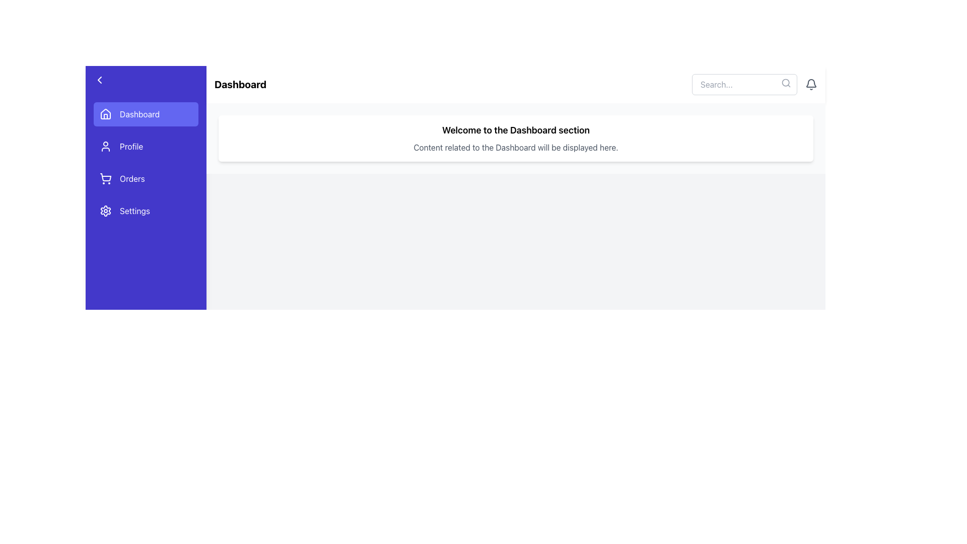 The height and width of the screenshot is (544, 967). I want to click on the shopping cart icon located within the 'Orders' button on the vertical navigation bar for visual guidance, so click(106, 178).